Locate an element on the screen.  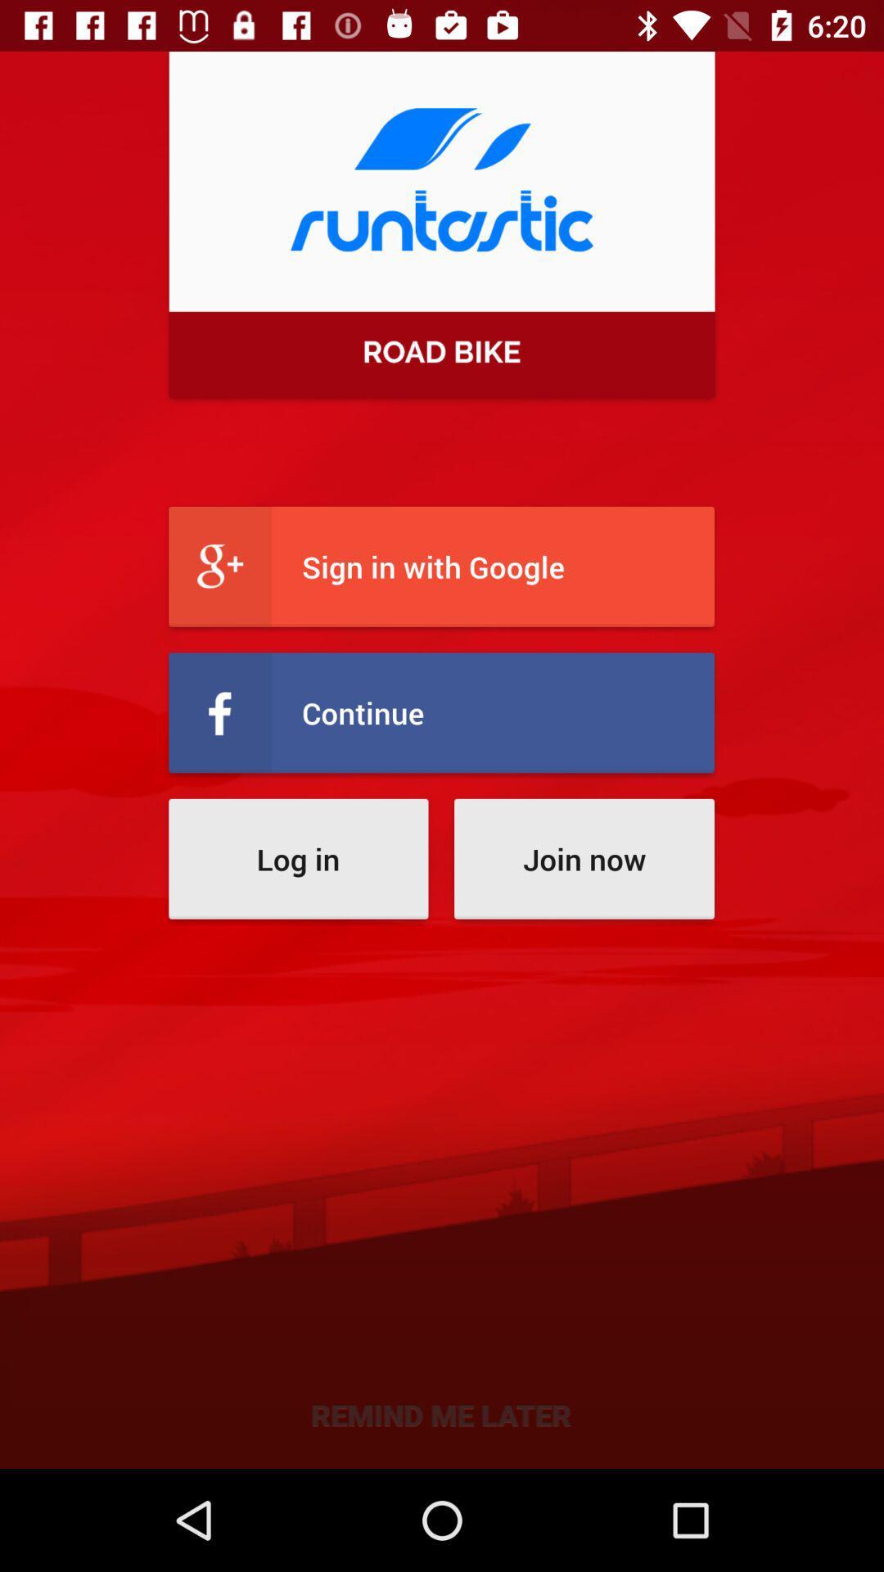
sign in with item is located at coordinates (440, 567).